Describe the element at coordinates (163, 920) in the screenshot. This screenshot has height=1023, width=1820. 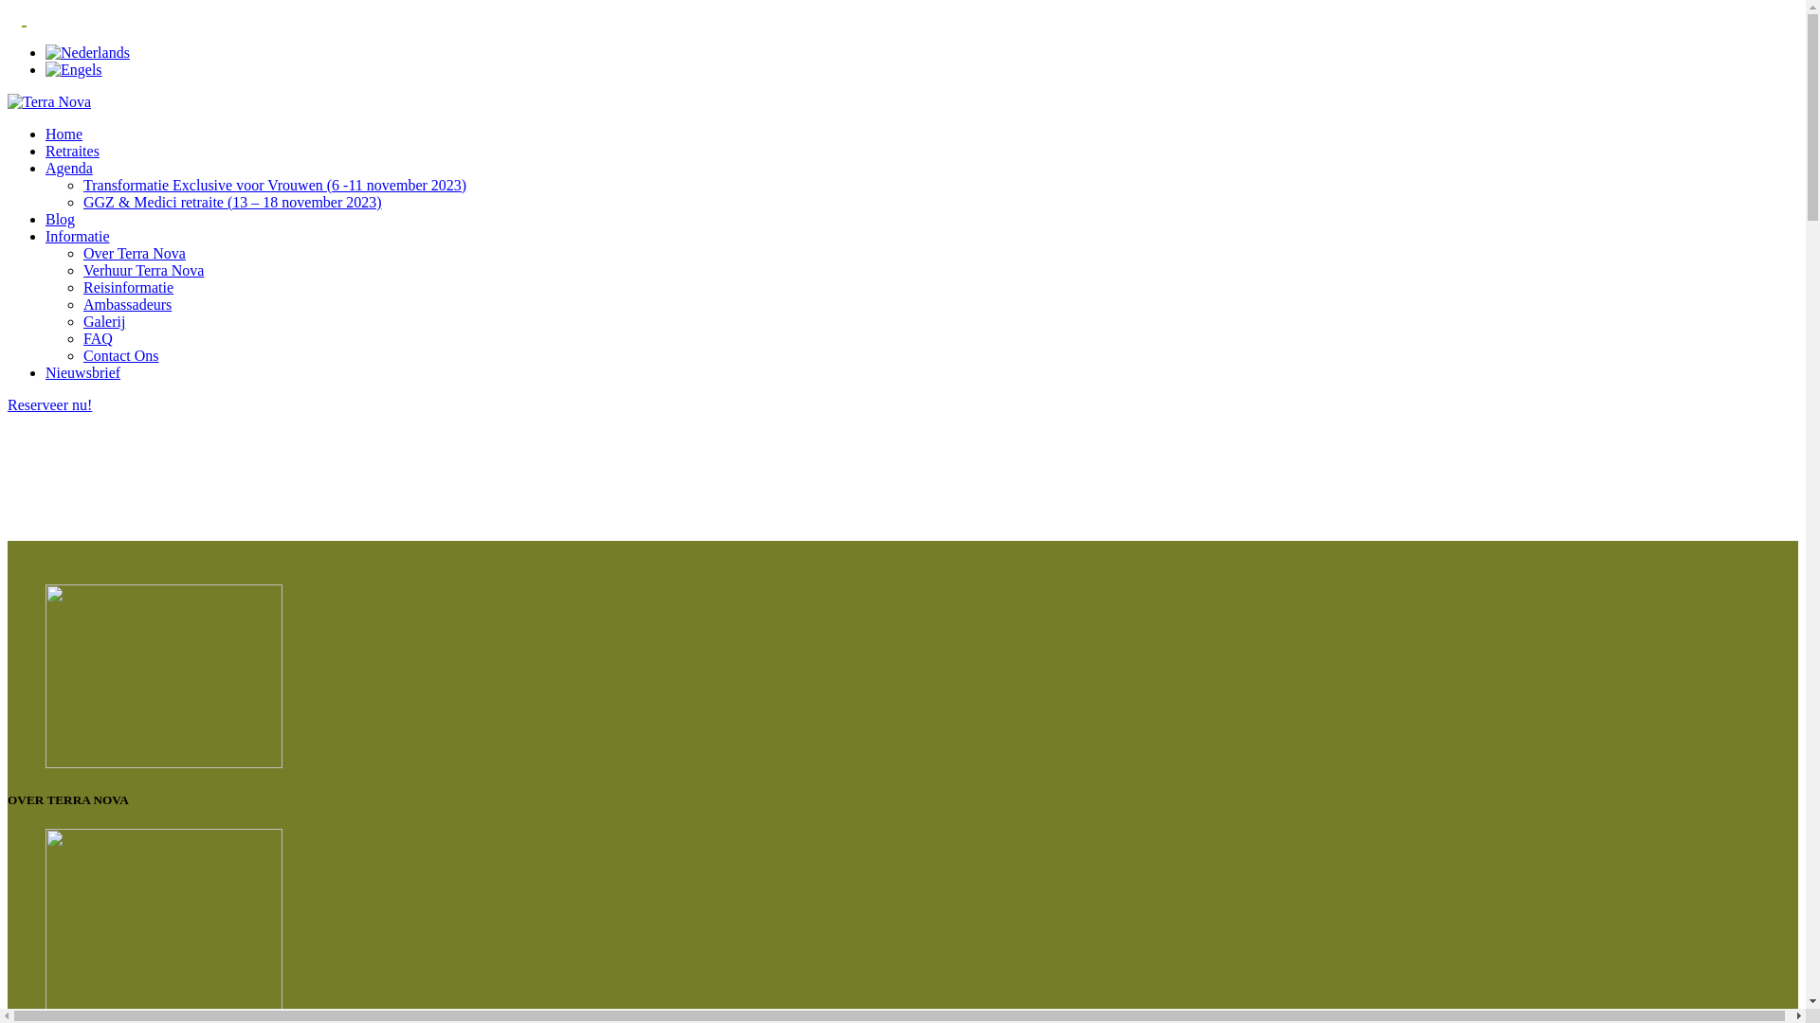
I see `'Retreites1'` at that location.